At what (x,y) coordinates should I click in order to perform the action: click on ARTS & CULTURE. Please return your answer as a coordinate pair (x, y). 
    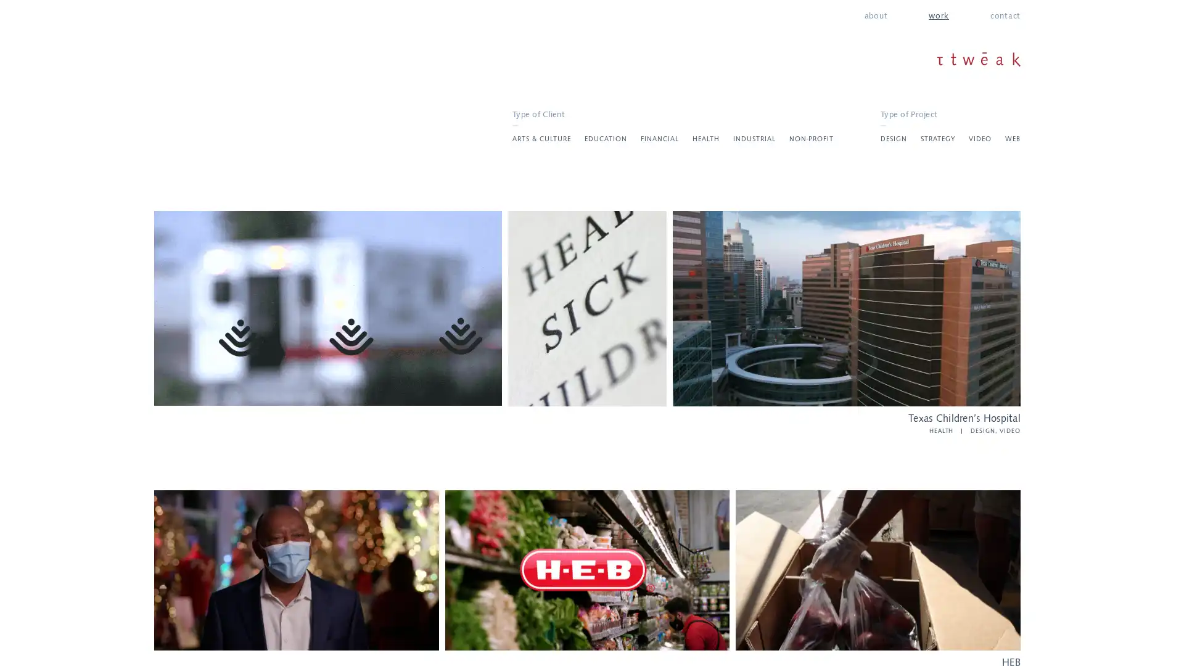
    Looking at the image, I should click on (541, 139).